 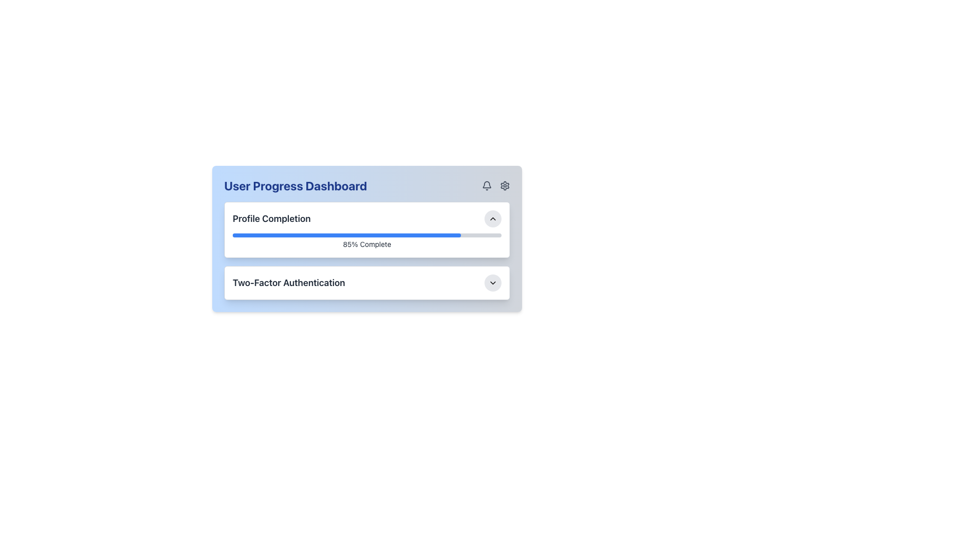 What do you see at coordinates (366, 244) in the screenshot?
I see `the text label displaying '85% Complete' which is styled in a smaller font size and located below the progress bar in the 'Profile Completion' section of the 'User Progress Dashboard'` at bounding box center [366, 244].